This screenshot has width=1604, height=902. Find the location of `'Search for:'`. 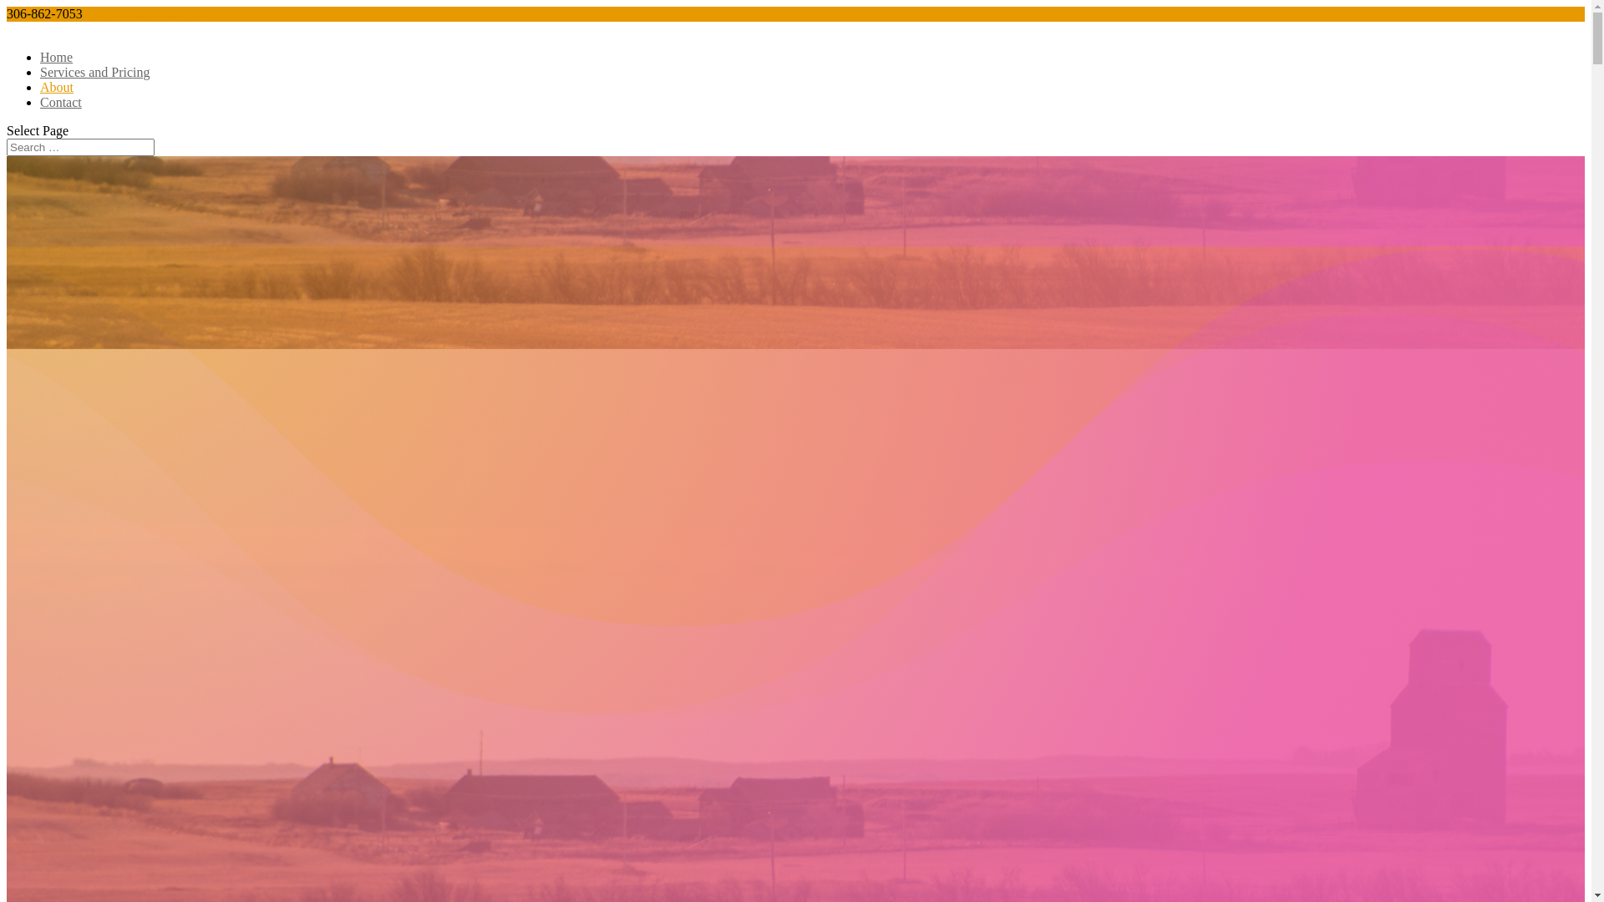

'Search for:' is located at coordinates (79, 146).